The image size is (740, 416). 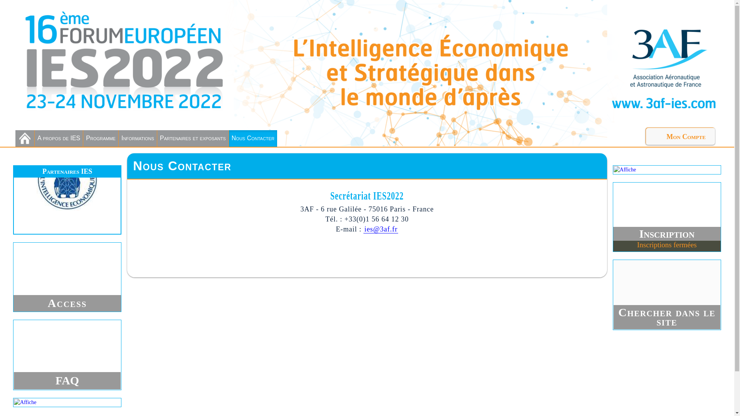 I want to click on 'Mon Compte', so click(x=646, y=136).